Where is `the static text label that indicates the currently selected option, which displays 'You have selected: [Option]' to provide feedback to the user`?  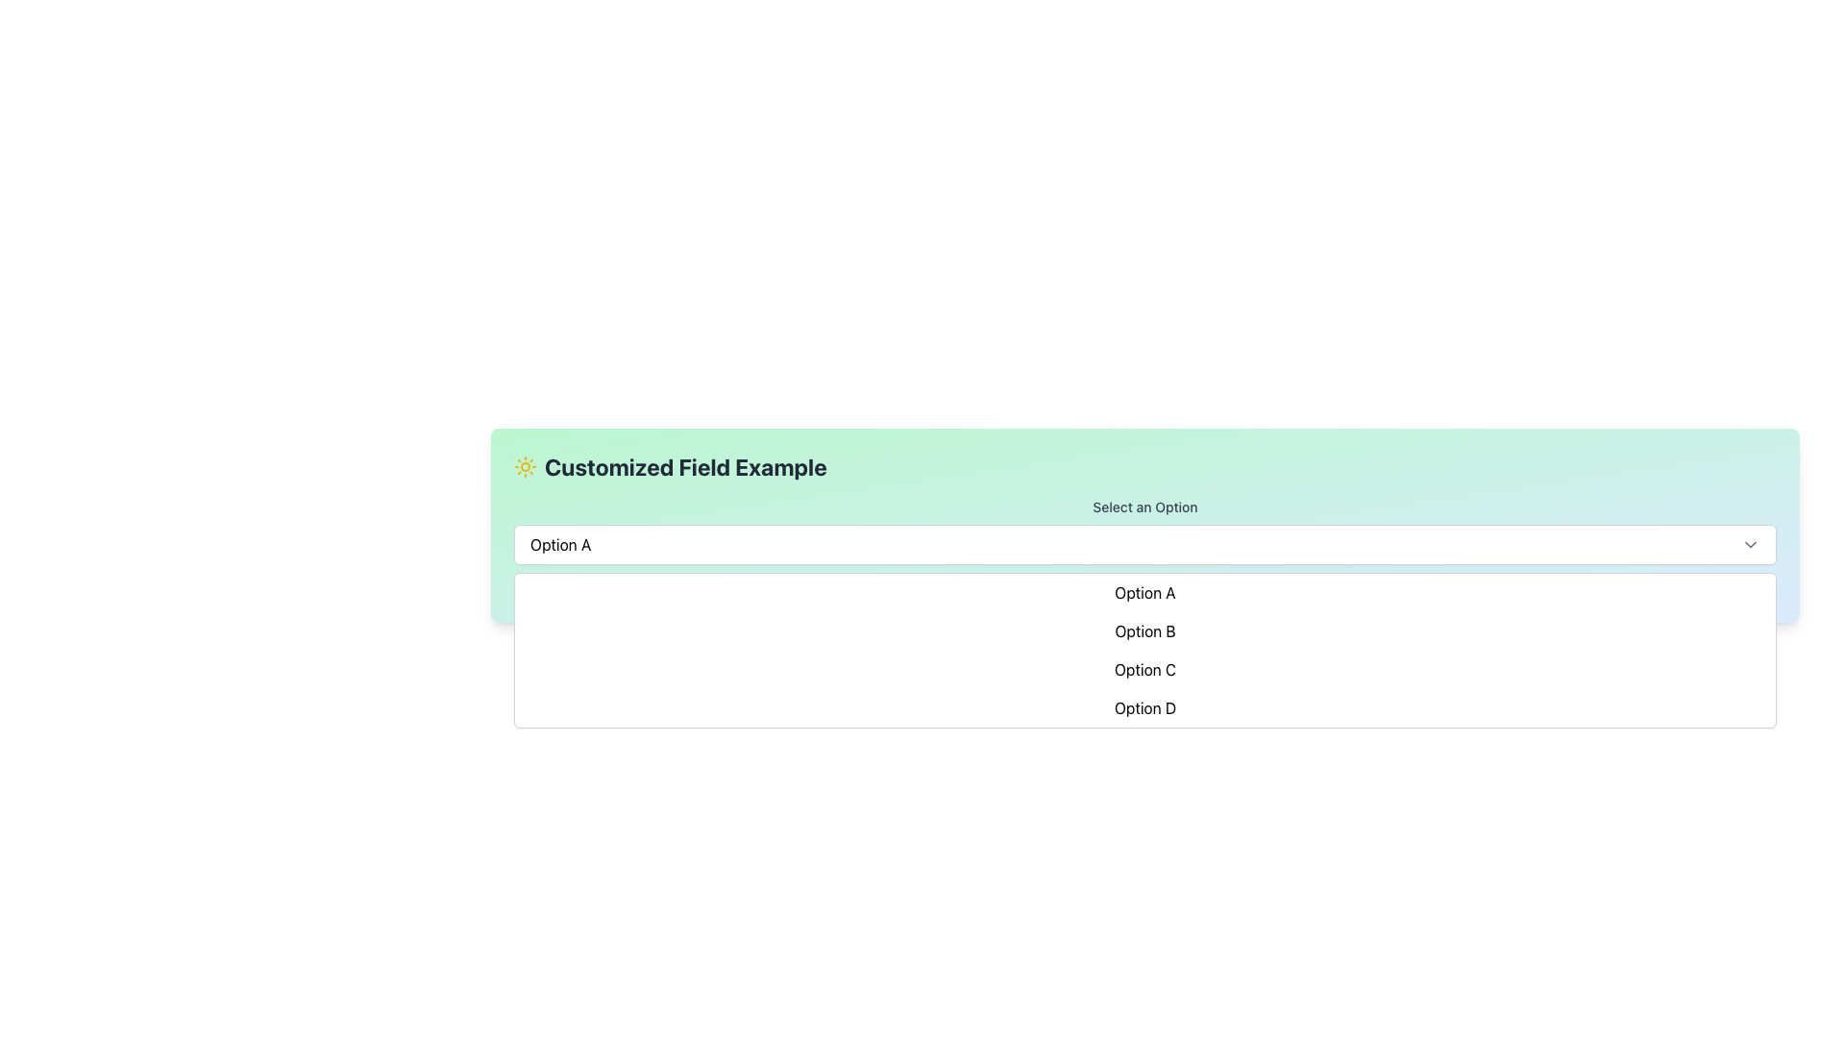
the static text label that indicates the currently selected option, which displays 'You have selected: [Option]' to provide feedback to the user is located at coordinates (1144, 588).